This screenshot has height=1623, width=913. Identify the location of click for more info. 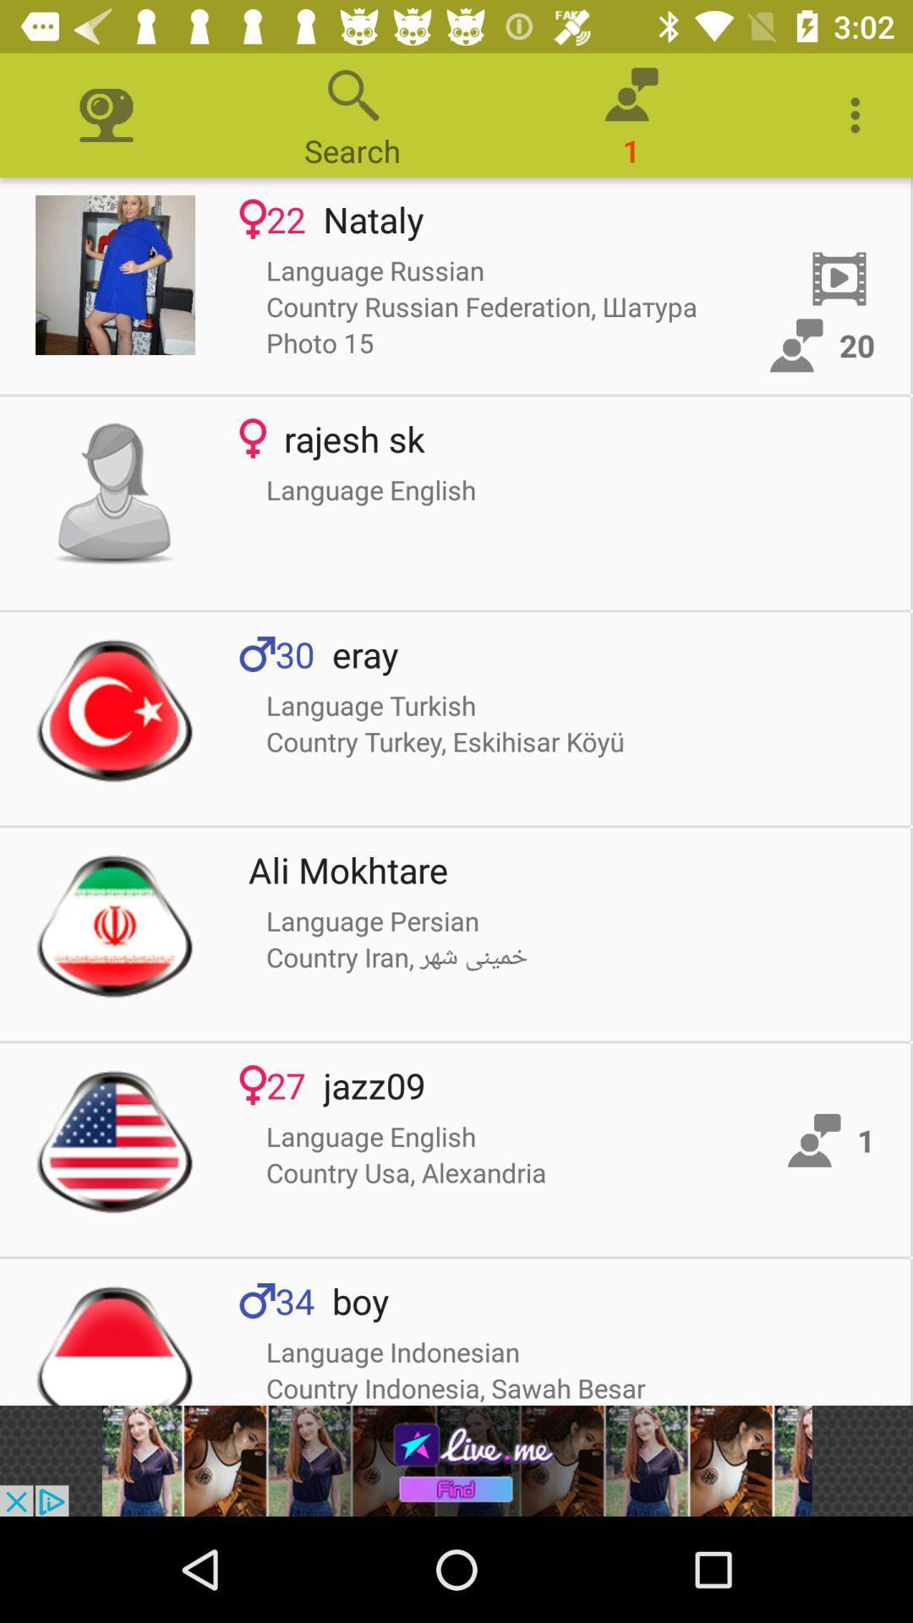
(114, 275).